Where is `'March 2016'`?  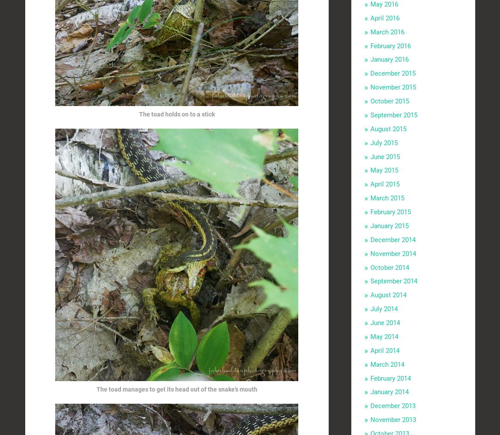 'March 2016' is located at coordinates (387, 31).